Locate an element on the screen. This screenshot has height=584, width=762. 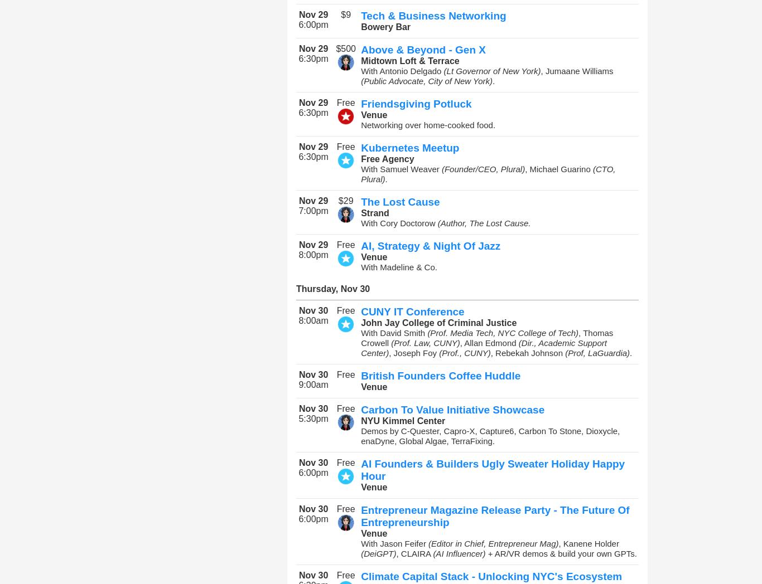
'Friendsgiving Potluck' is located at coordinates (416, 103).